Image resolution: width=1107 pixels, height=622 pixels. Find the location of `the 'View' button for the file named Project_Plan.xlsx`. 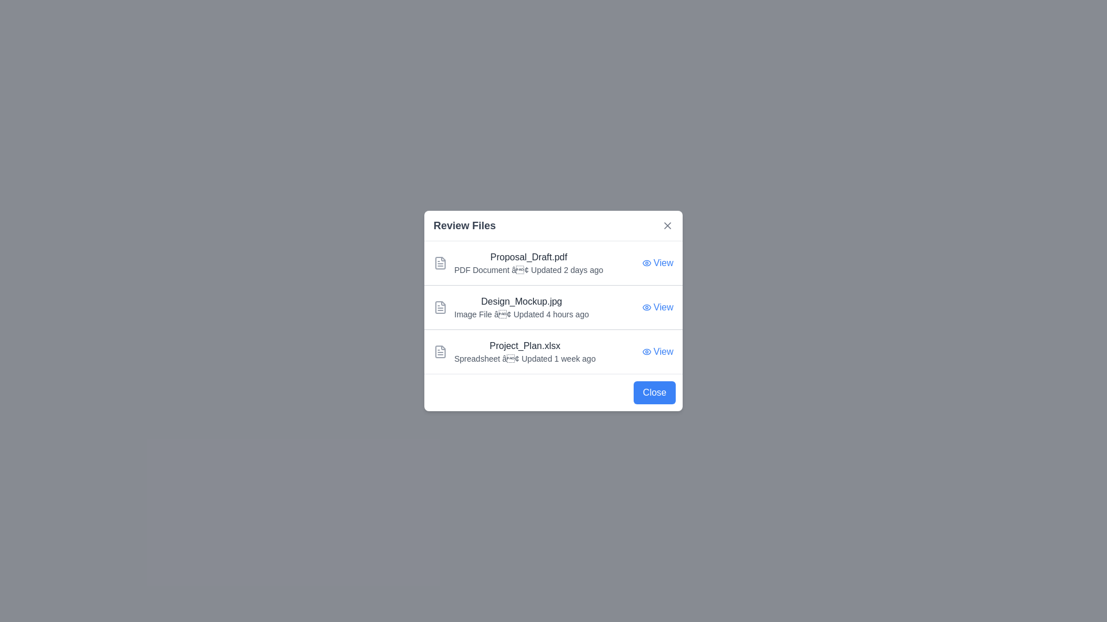

the 'View' button for the file named Project_Plan.xlsx is located at coordinates (657, 351).